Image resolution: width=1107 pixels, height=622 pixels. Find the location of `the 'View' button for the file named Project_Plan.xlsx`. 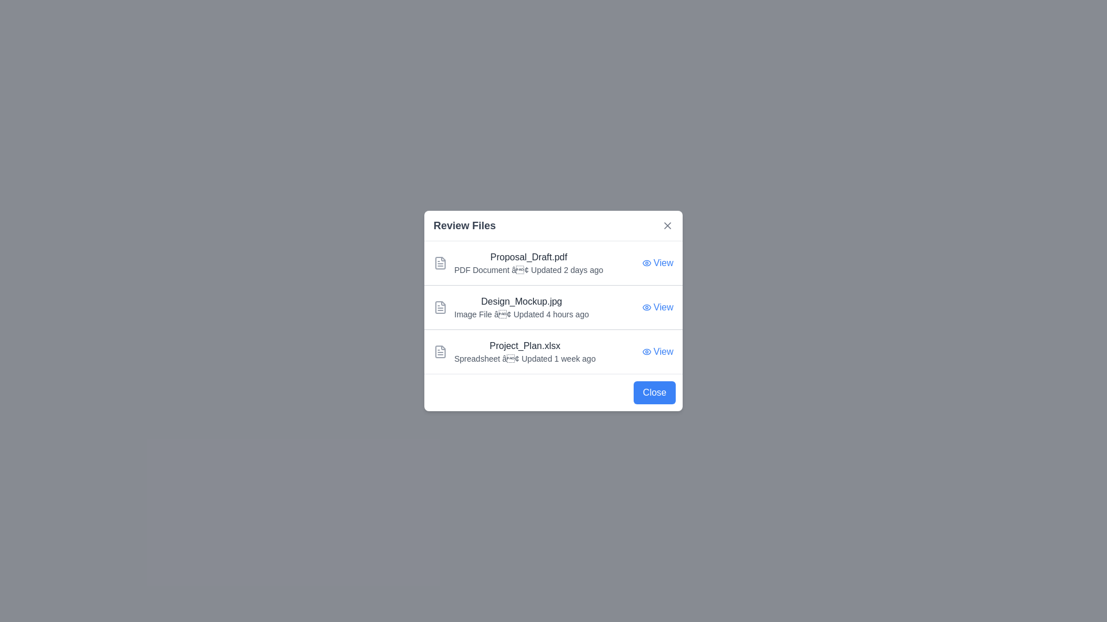

the 'View' button for the file named Project_Plan.xlsx is located at coordinates (657, 351).